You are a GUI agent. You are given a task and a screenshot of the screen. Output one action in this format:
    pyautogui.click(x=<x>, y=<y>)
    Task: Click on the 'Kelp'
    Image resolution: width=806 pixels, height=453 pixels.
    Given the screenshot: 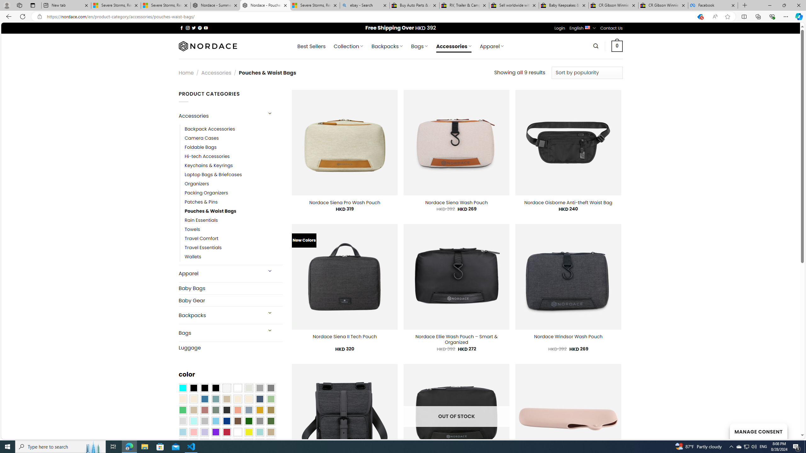 What is the action you would take?
    pyautogui.click(x=271, y=410)
    